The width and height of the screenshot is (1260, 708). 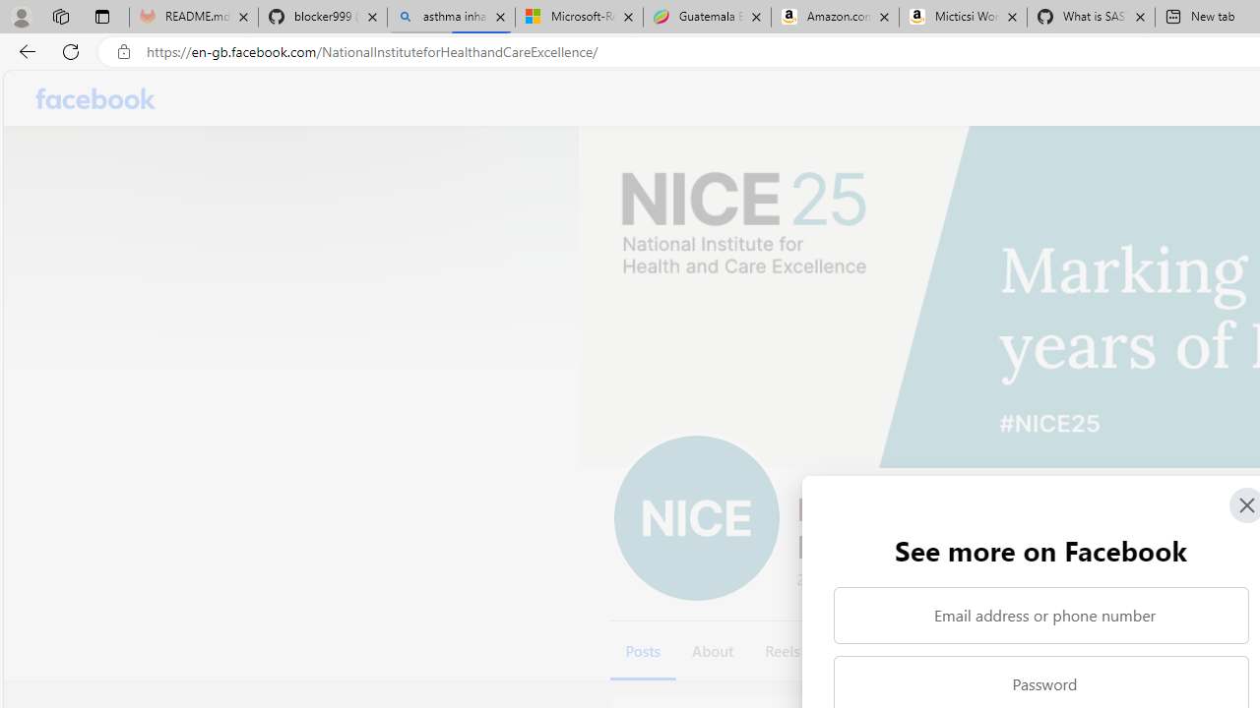 I want to click on 'Email address or phone number', so click(x=1039, y=615).